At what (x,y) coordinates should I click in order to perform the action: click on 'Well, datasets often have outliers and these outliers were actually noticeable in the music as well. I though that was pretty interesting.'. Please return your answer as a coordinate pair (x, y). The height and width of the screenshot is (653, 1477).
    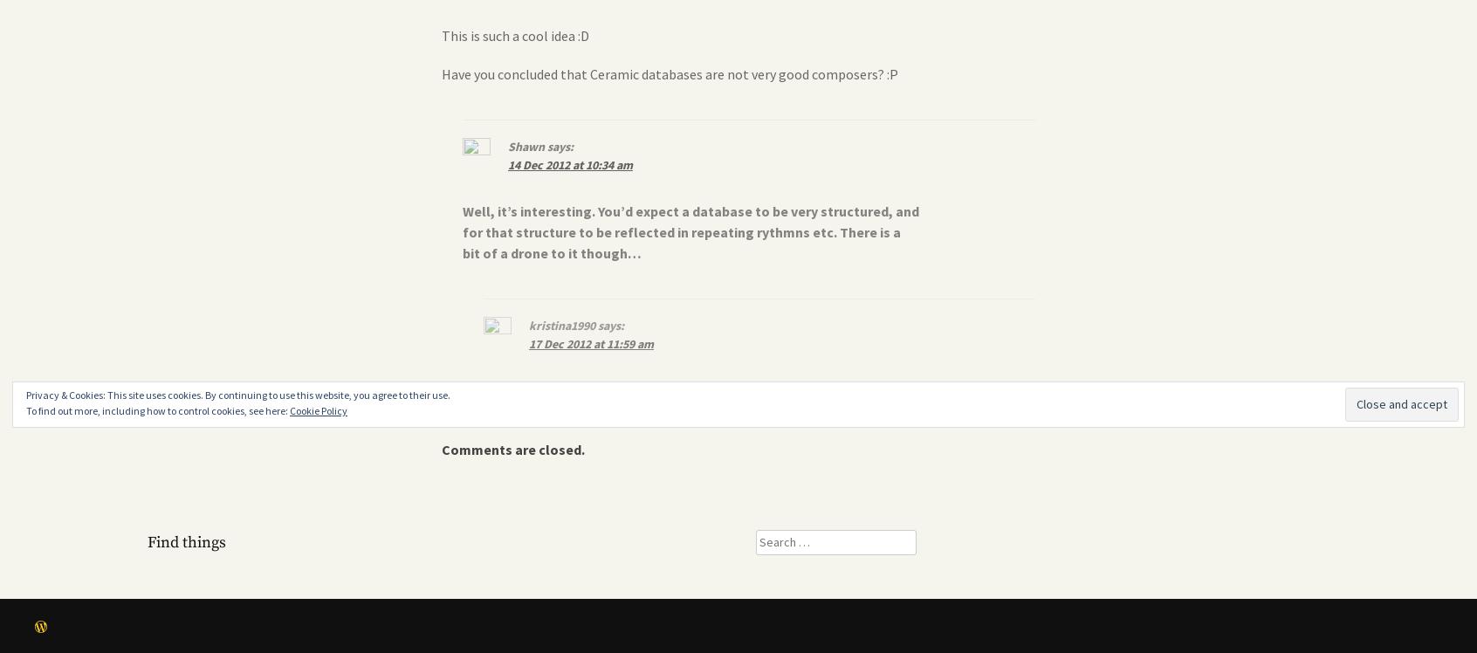
    Looking at the image, I should click on (700, 399).